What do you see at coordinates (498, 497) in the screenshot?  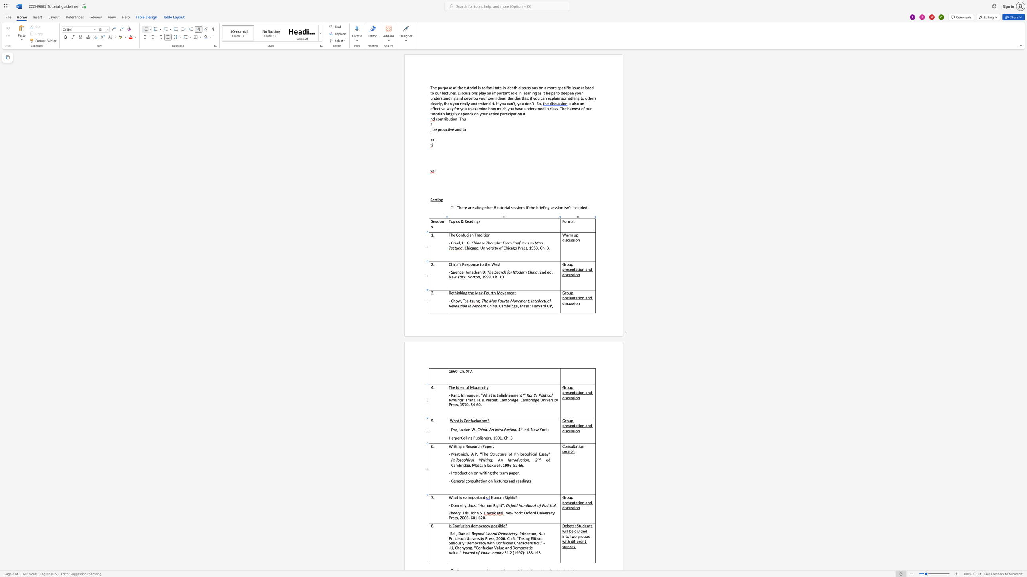 I see `the space between the continuous character "m" and "a" in the text` at bounding box center [498, 497].